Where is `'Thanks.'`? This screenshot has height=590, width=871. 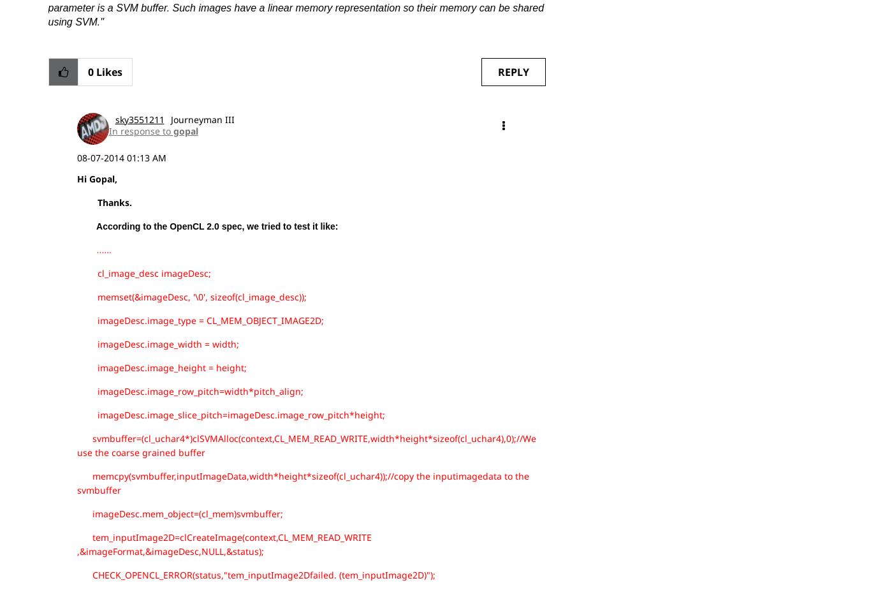
'Thanks.' is located at coordinates (103, 201).